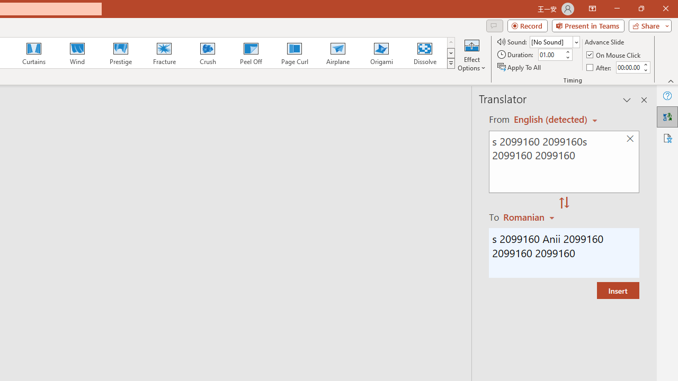 This screenshot has width=678, height=381. What do you see at coordinates (614, 55) in the screenshot?
I see `'On Mouse Click'` at bounding box center [614, 55].